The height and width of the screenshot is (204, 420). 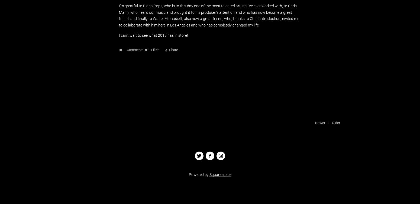 I want to click on 'Powered by', so click(x=199, y=174).